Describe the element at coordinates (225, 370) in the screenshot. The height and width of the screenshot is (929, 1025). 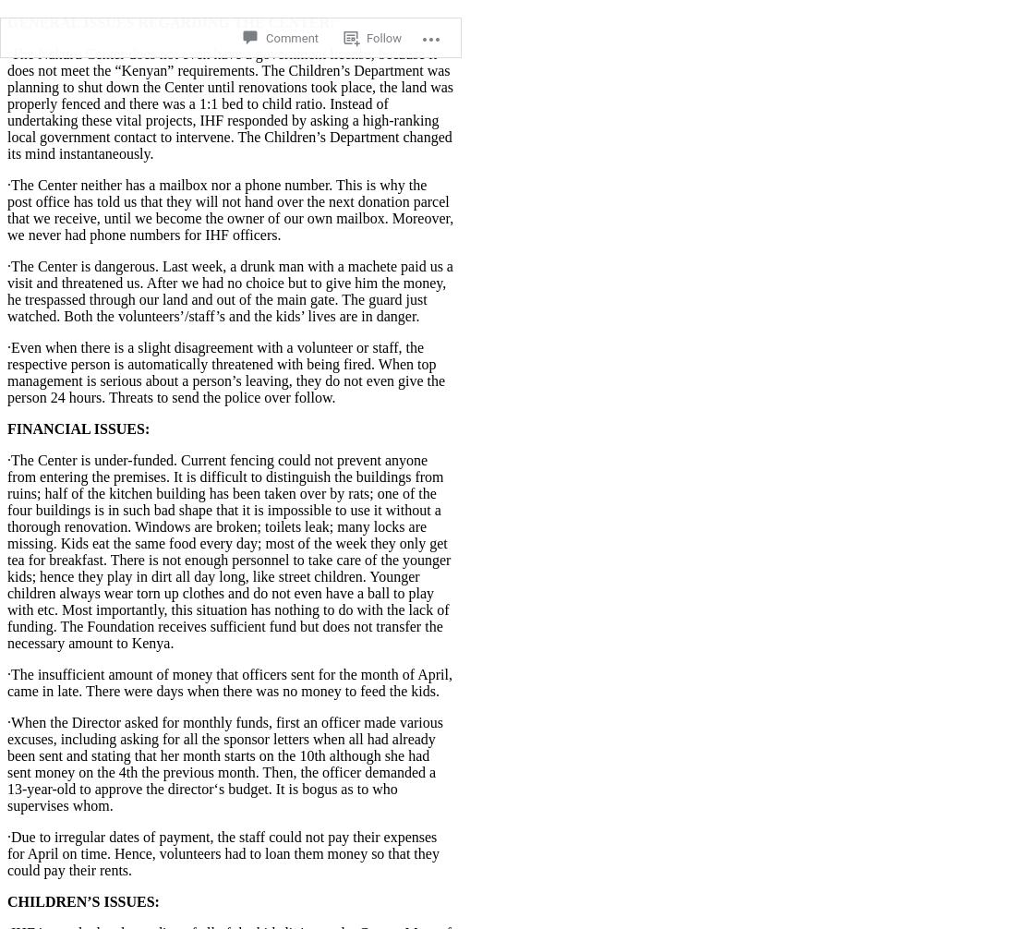
I see `'·Even when there is a slight disagreement with a volunteer or staff, the respective person is automatically threatened with being fired. When top management is serious about a person’s leaving, they do not even give the person 24 hours. Threats to send the police over follow.'` at that location.